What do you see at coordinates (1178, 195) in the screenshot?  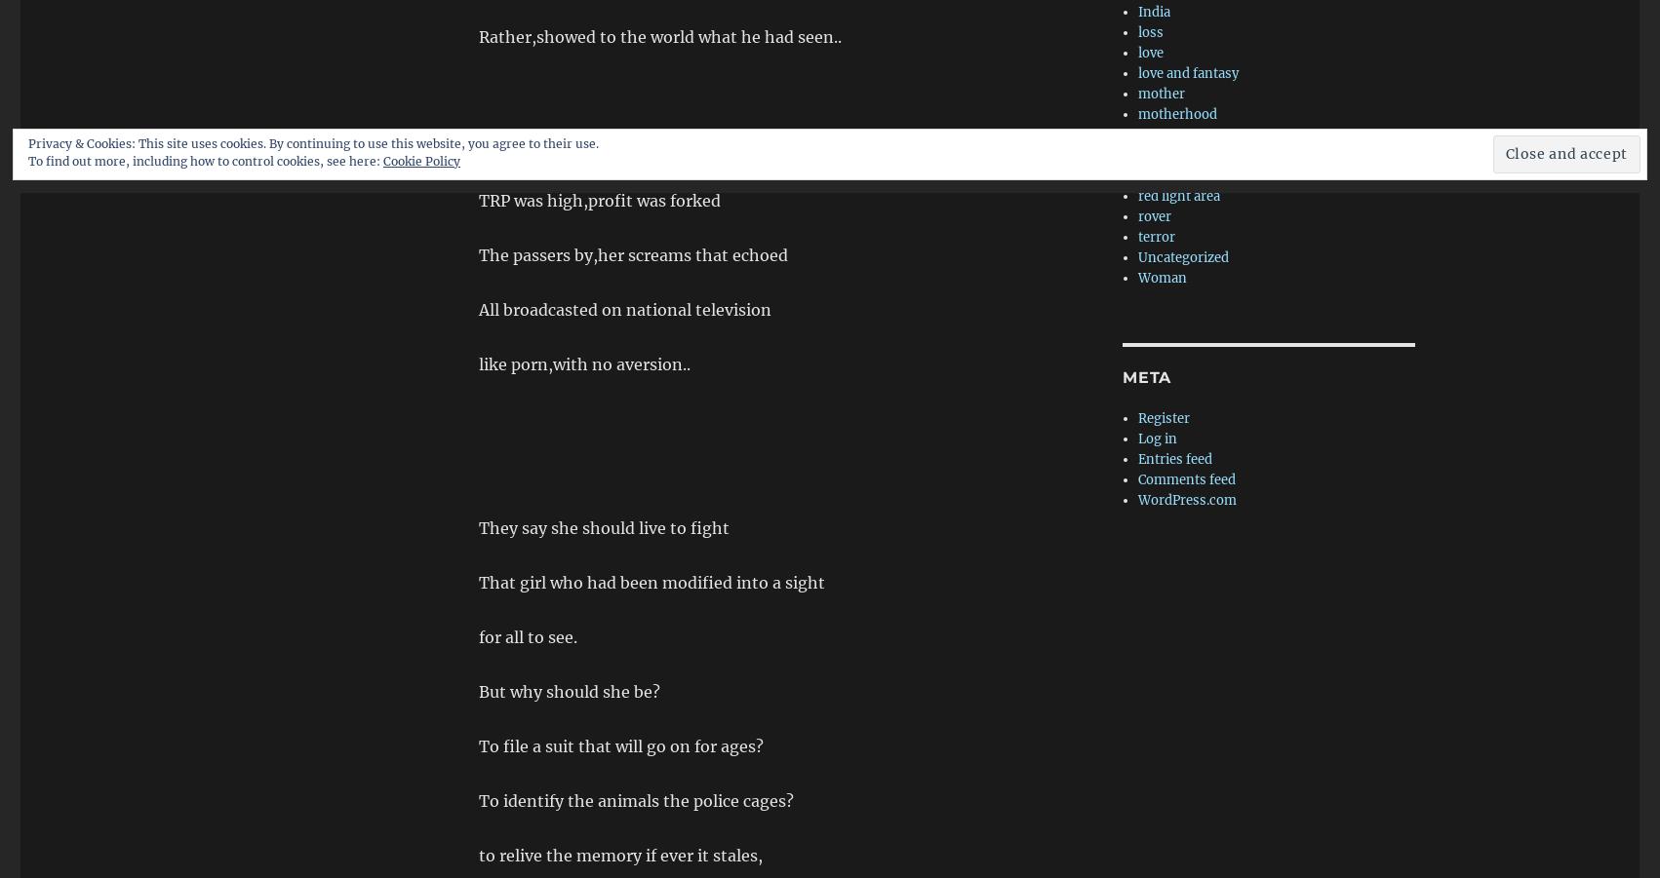 I see `'red light area'` at bounding box center [1178, 195].